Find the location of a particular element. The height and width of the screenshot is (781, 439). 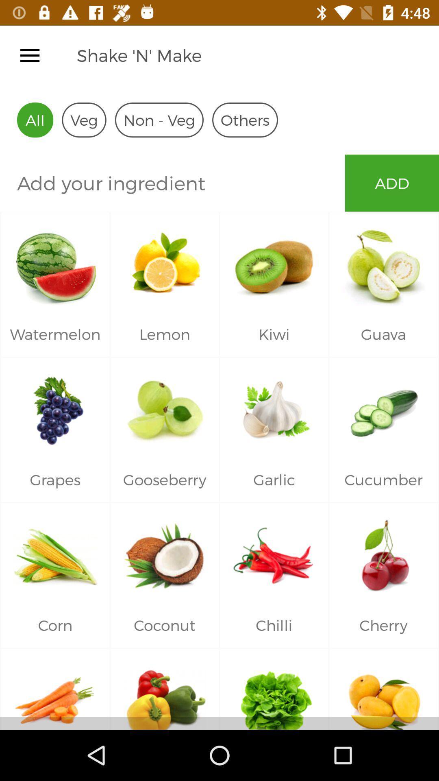

item to the left of the add icon is located at coordinates (172, 183).